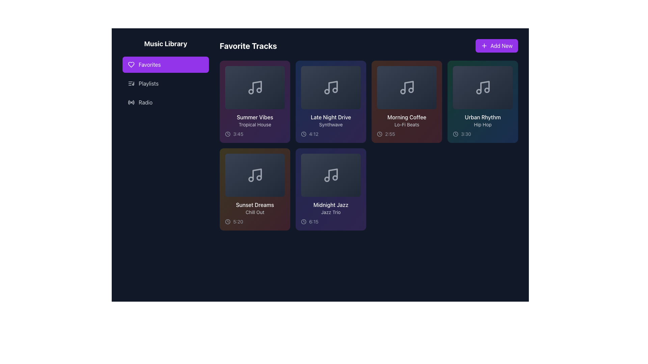 The image size is (648, 364). I want to click on the heart icon located within the 'Favorites' button in the left-side navigation panel, which symbolizes 'Favorites' or 'Liked items', so click(131, 65).